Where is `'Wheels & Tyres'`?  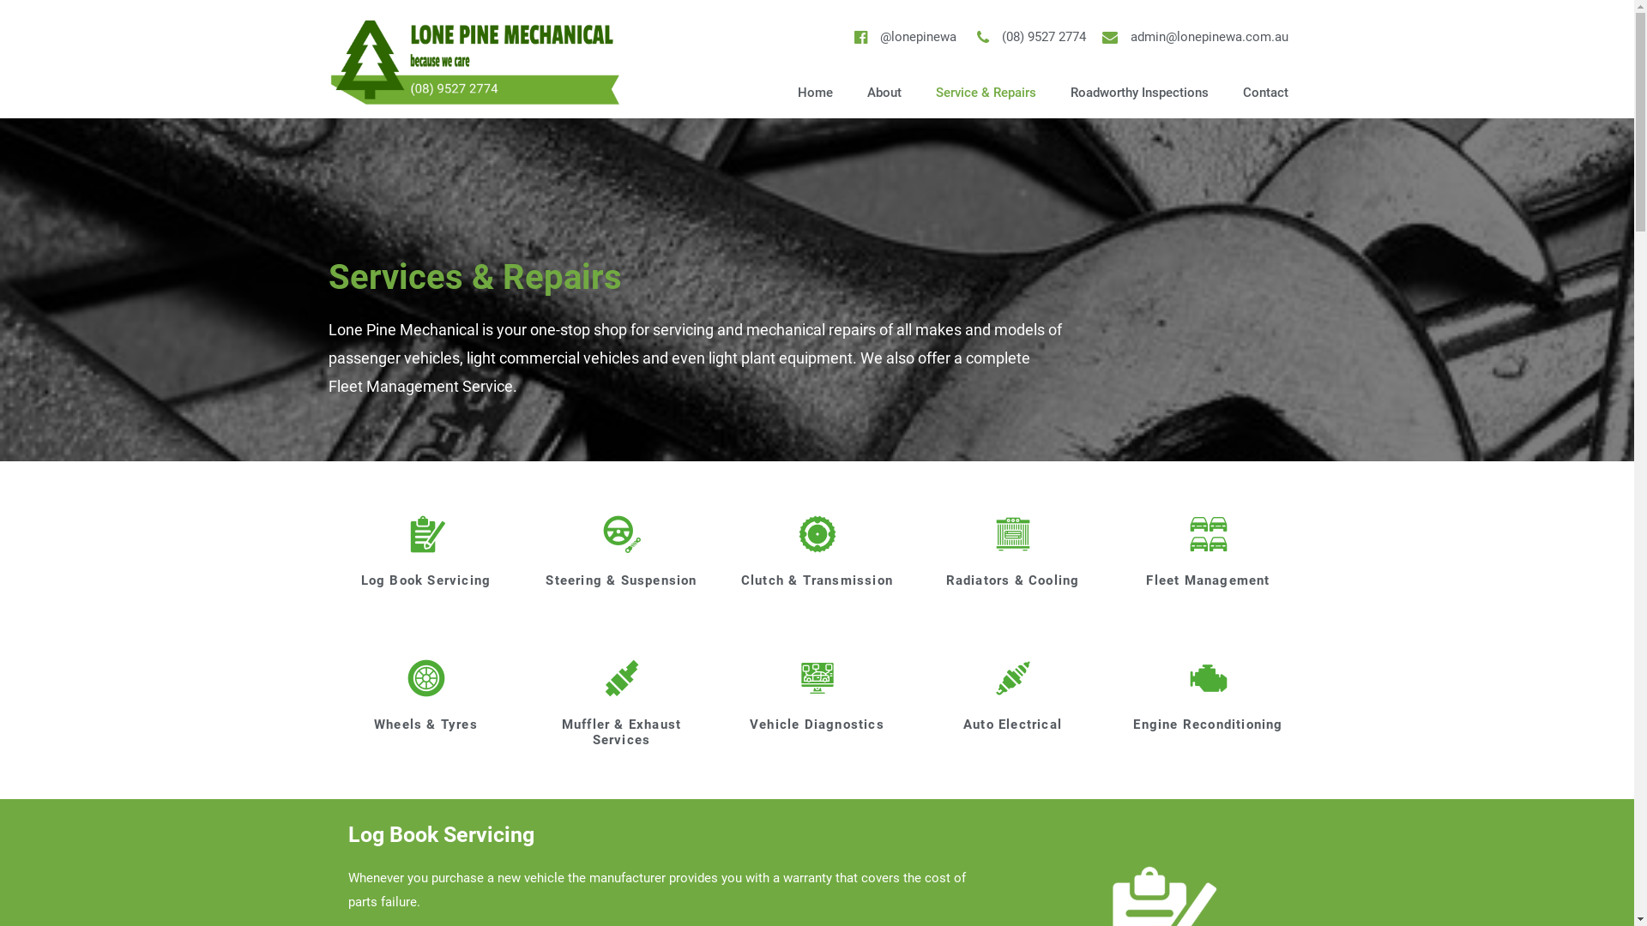
'Wheels & Tyres' is located at coordinates (425, 724).